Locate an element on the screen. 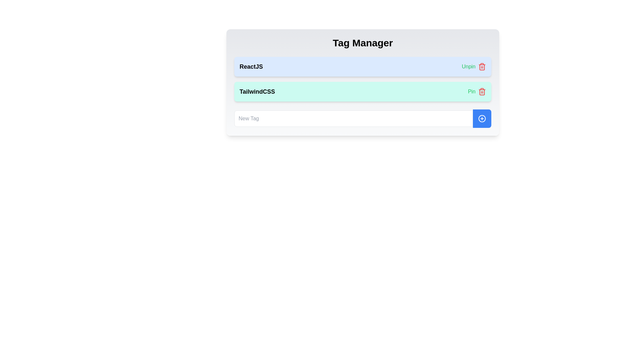 This screenshot has height=355, width=631. the circular icon with a plus sign inside, which is located at the bottom-right of the interface within a blue rounded rectangle button under the 'New Tag' text box is located at coordinates (482, 119).